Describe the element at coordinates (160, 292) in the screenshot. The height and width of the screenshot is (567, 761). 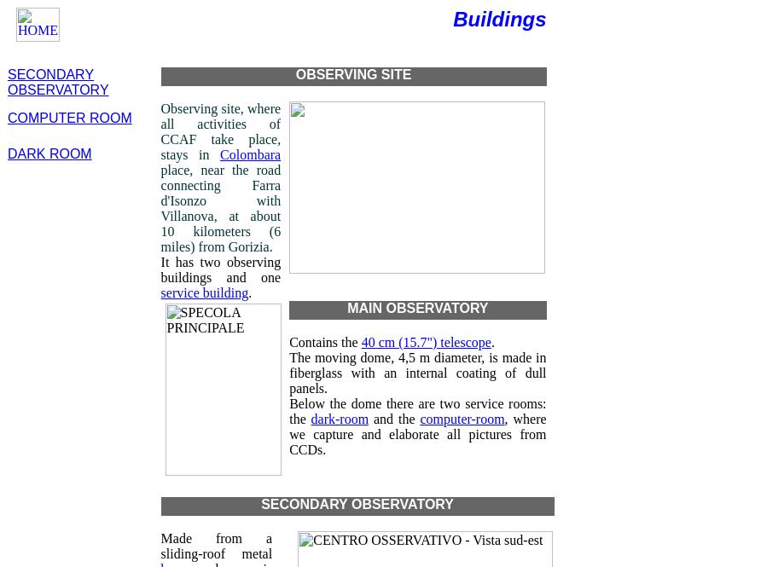
I see `'service building'` at that location.